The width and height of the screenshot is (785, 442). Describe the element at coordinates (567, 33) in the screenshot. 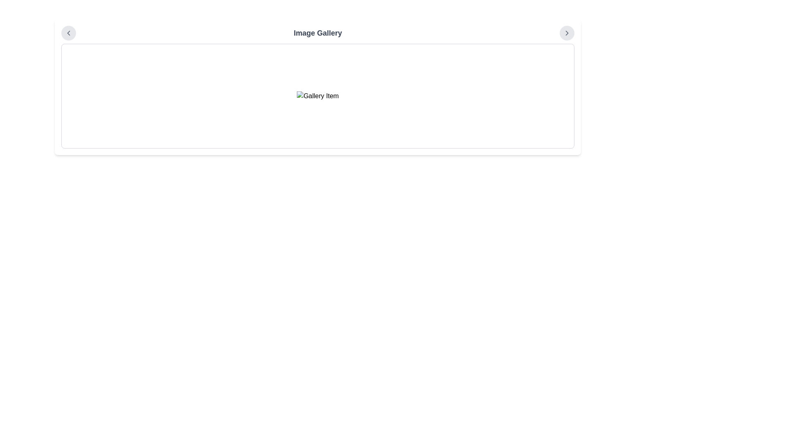

I see `the right-facing chevron icon within a circular grey background, located in the upper-right corner of the panel next to 'Image Gallery'` at that location.